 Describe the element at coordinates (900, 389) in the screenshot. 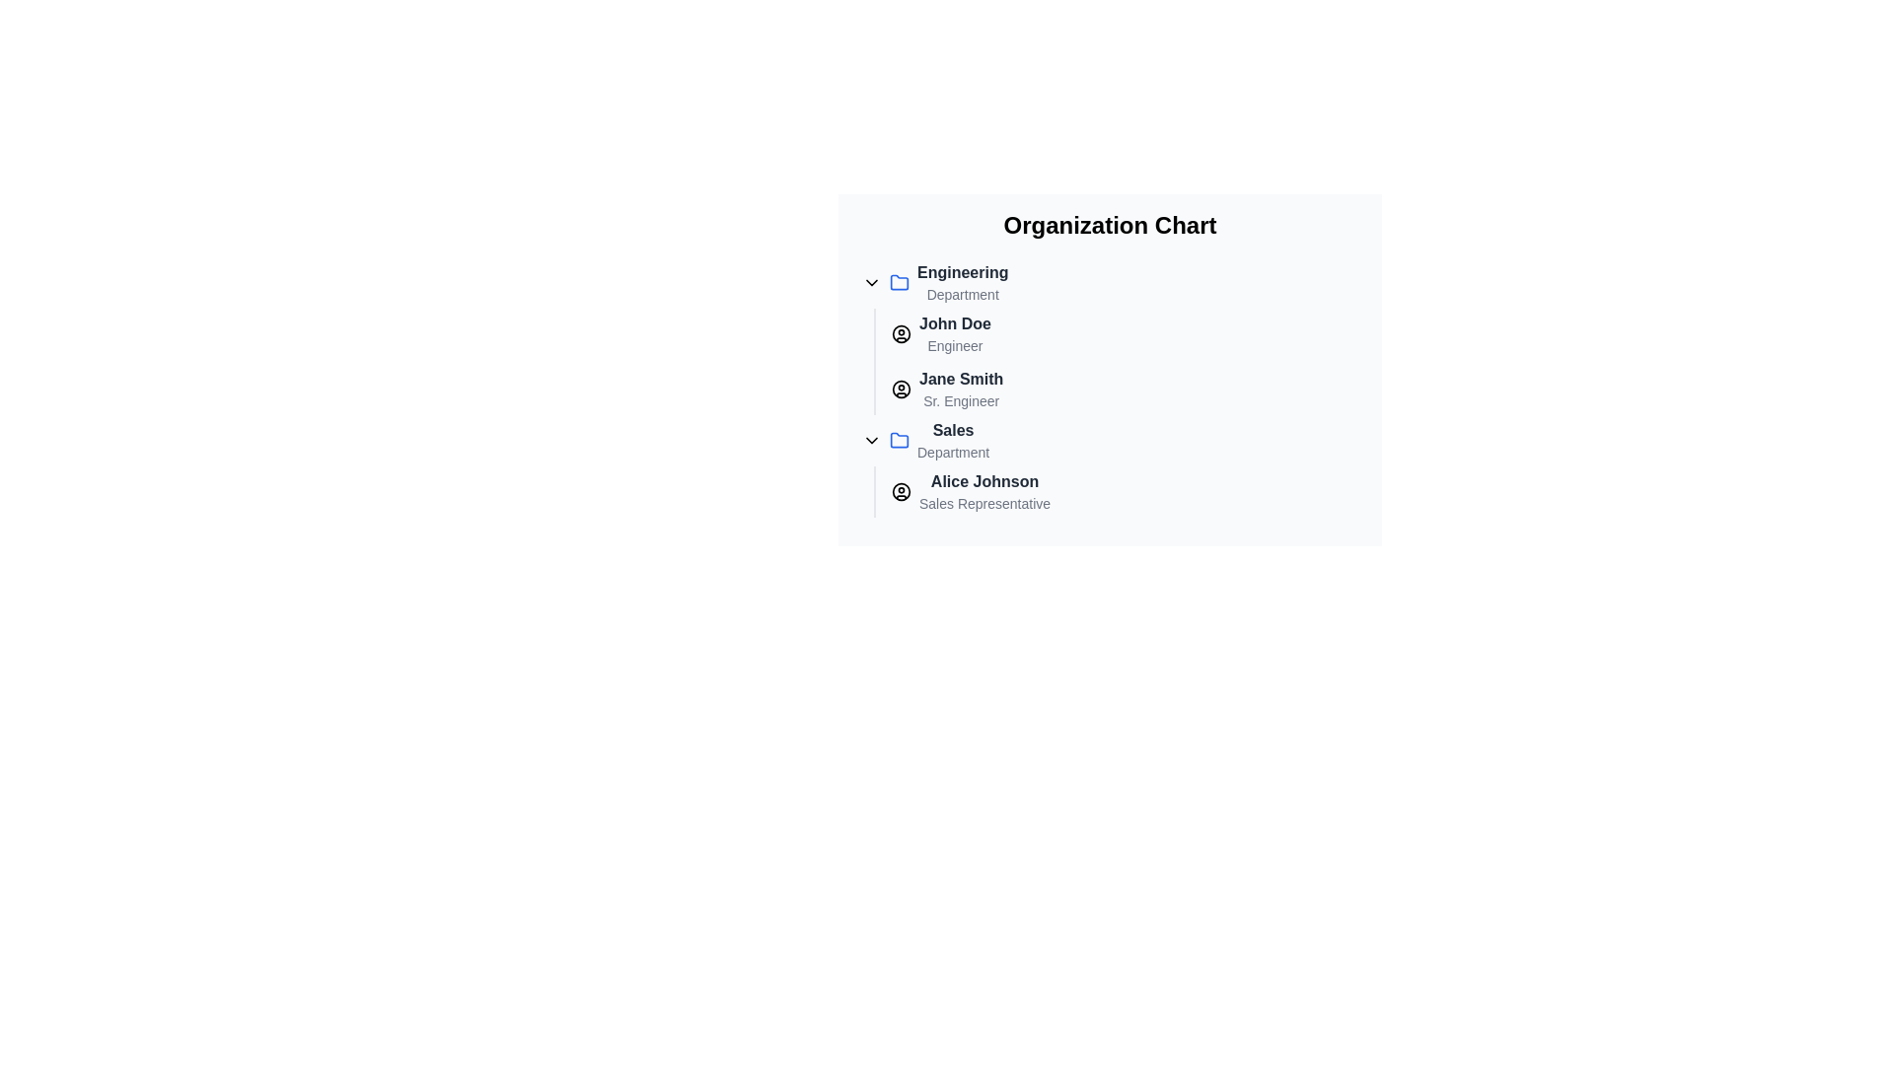

I see `the Decorative SVG circle that represents a user icon in the organizational listing` at that location.